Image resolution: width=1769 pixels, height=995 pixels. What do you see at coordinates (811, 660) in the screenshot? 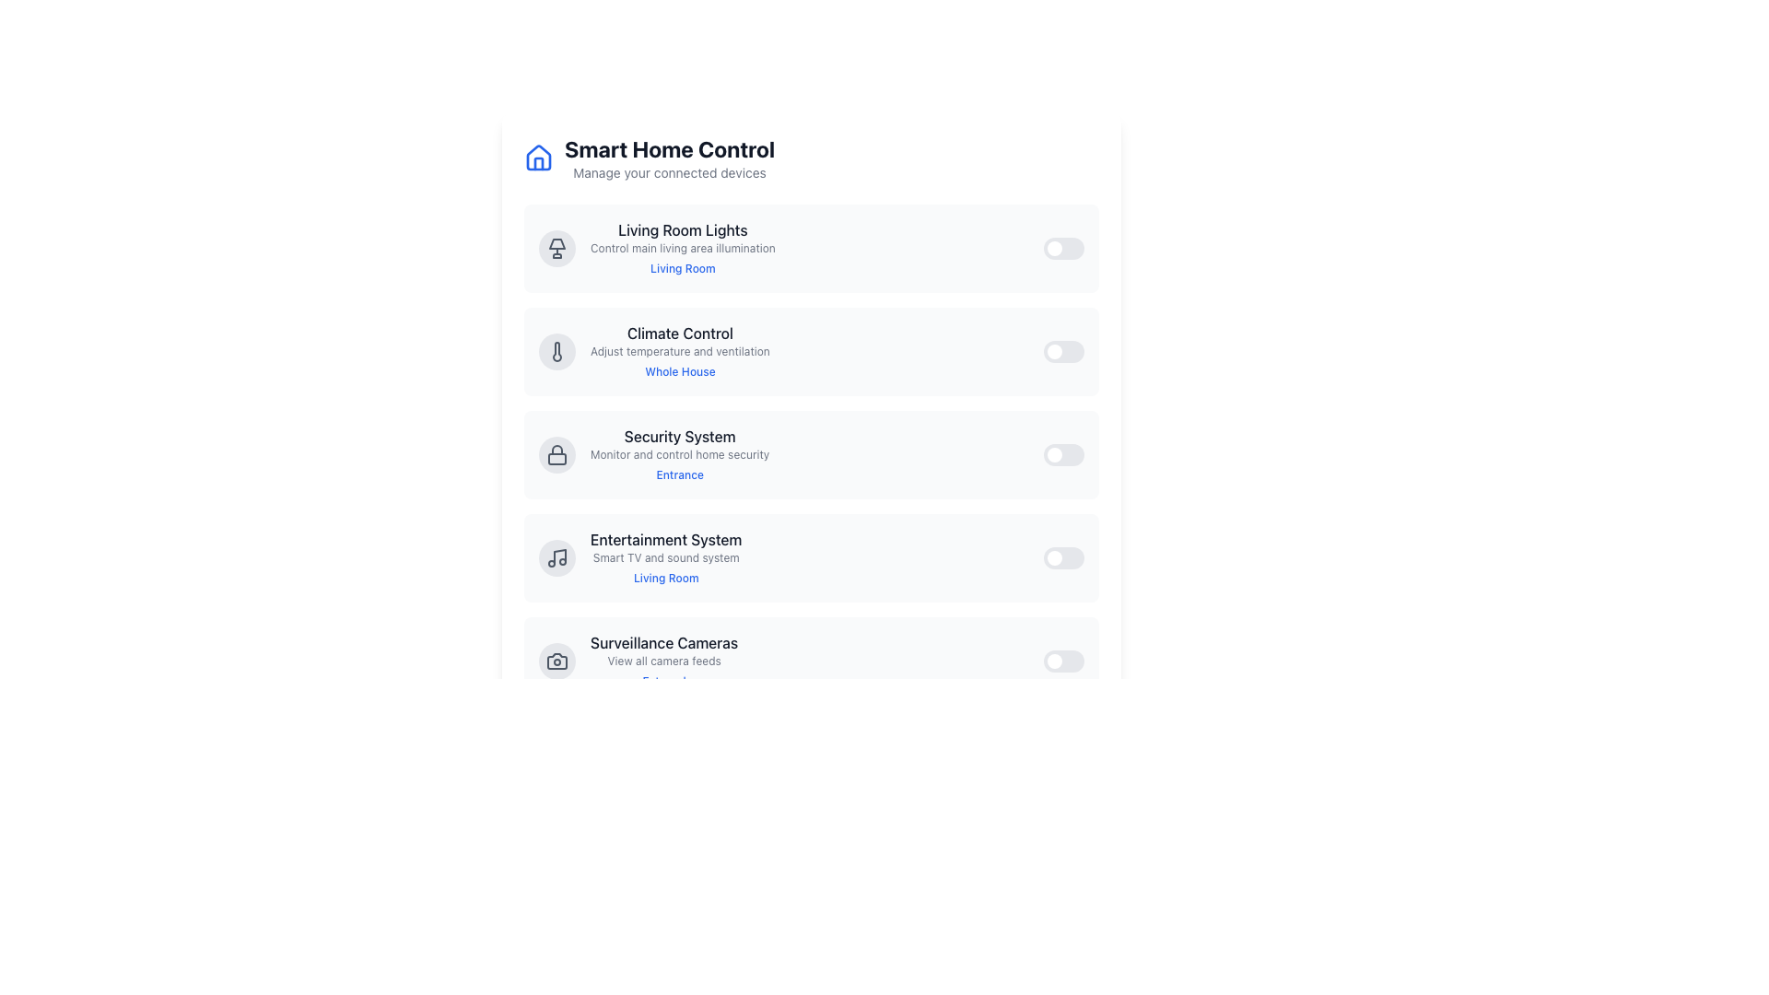
I see `the toggle switch on the right side of the 'Surveillance Cameras' section in the Control panel` at bounding box center [811, 660].